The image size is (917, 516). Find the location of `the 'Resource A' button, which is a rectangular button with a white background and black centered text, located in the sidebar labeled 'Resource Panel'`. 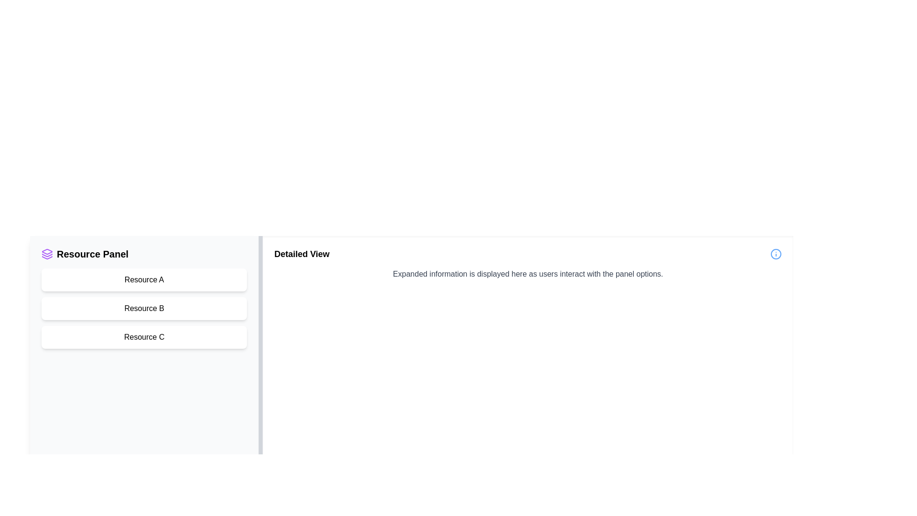

the 'Resource A' button, which is a rectangular button with a white background and black centered text, located in the sidebar labeled 'Resource Panel' is located at coordinates (144, 279).